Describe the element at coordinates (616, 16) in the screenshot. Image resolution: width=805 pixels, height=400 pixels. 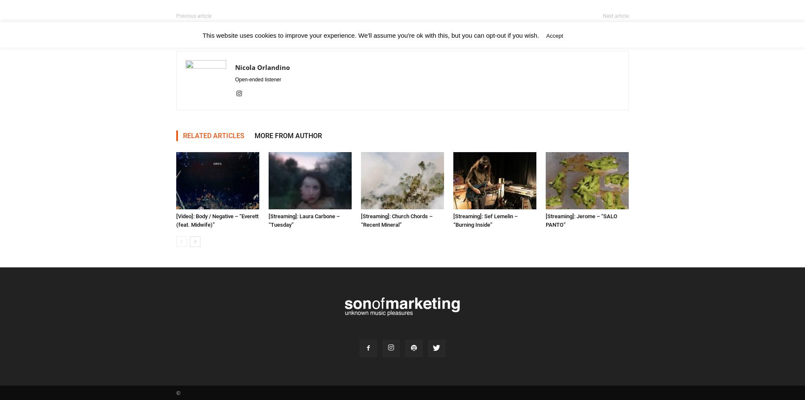
I see `'Next article'` at that location.